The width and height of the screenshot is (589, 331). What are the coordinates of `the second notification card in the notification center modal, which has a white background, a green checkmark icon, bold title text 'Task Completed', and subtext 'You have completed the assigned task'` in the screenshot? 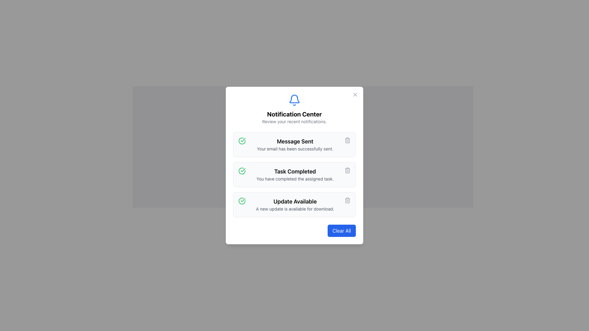 It's located at (294, 175).